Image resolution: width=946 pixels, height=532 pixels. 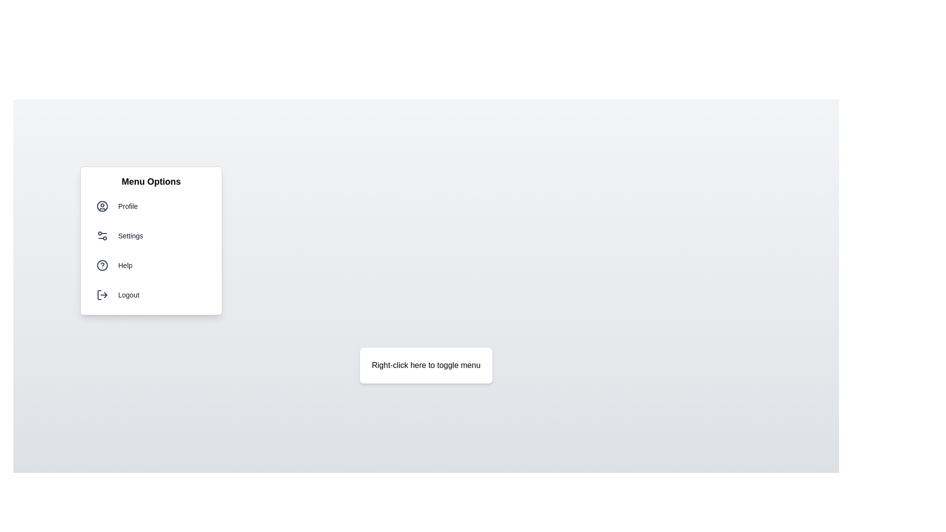 What do you see at coordinates (151, 294) in the screenshot?
I see `the menu item Logout to highlight it` at bounding box center [151, 294].